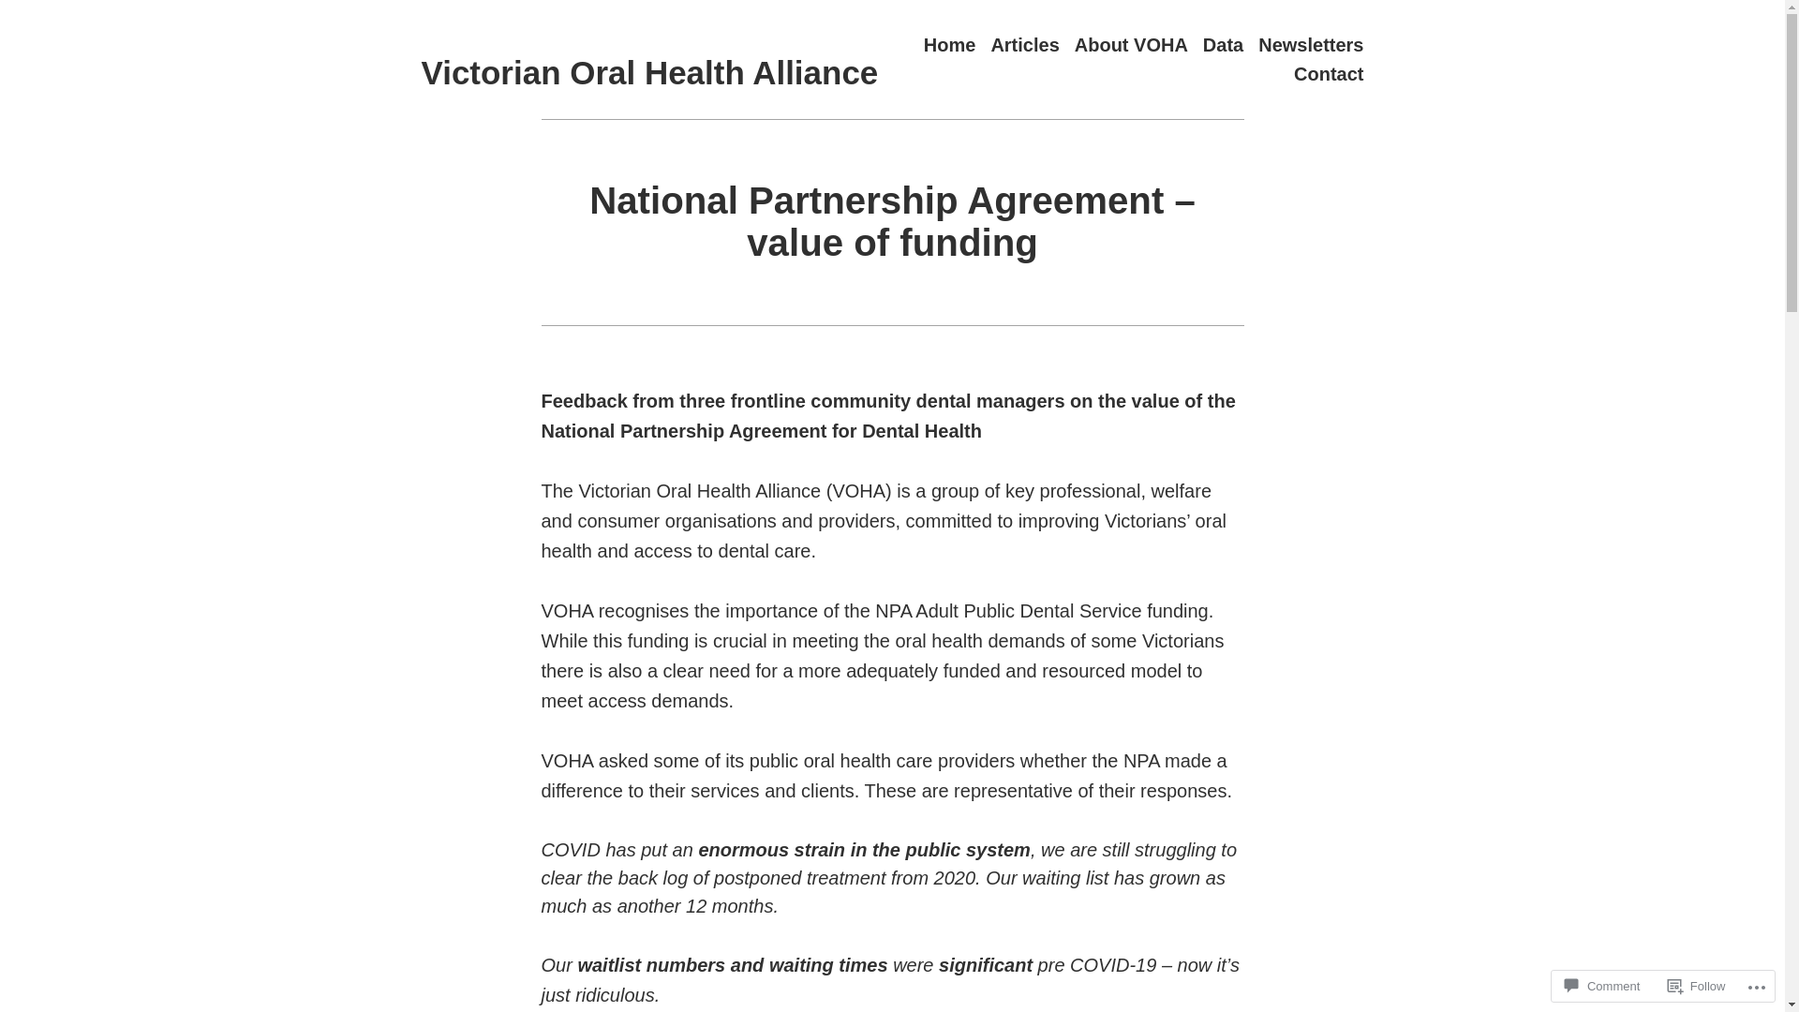 The width and height of the screenshot is (1799, 1012). What do you see at coordinates (1223, 43) in the screenshot?
I see `'Data'` at bounding box center [1223, 43].